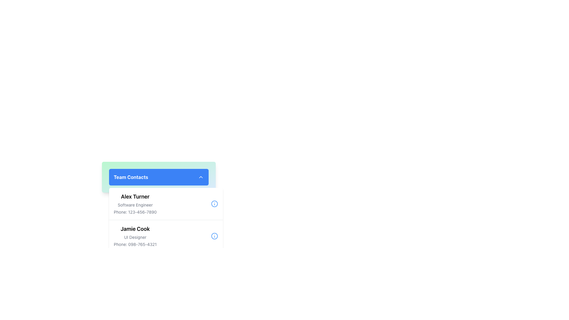 Image resolution: width=569 pixels, height=320 pixels. I want to click on the Contact Information Section for 'Jamie Cook', which includes the name, title, and phone number, so click(166, 236).